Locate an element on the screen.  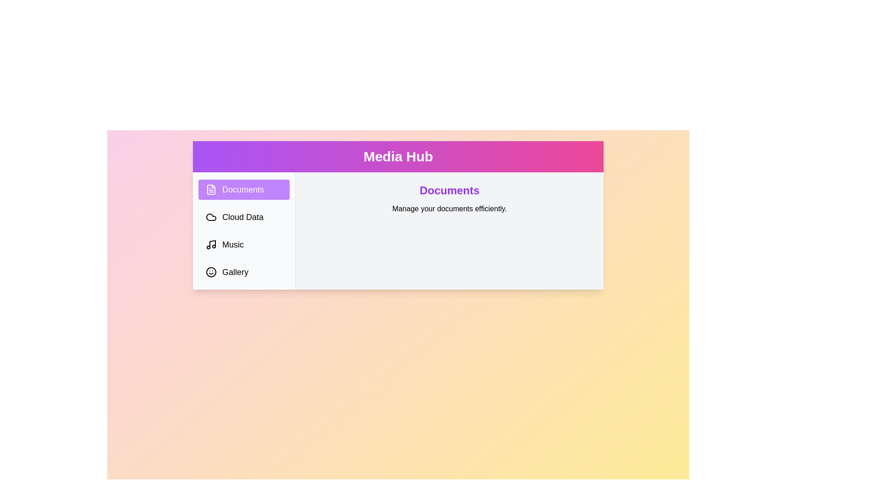
the tab labeled Gallery from the sidebar is located at coordinates (244, 272).